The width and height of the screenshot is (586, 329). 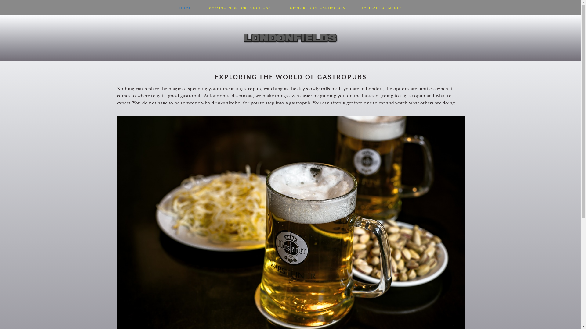 I want to click on 'HOME', so click(x=185, y=7).